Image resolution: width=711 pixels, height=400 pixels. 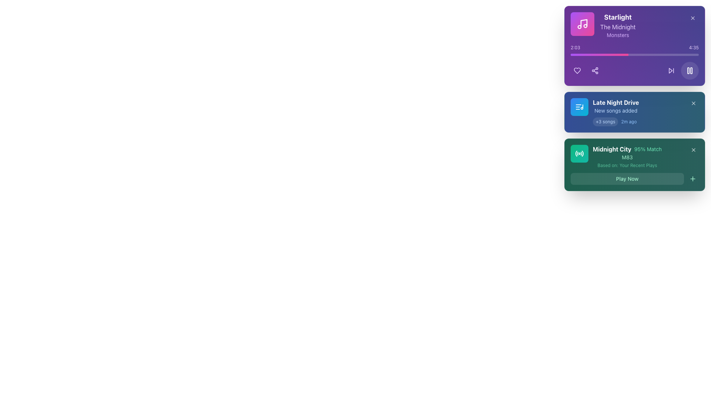 What do you see at coordinates (692, 18) in the screenshot?
I see `the close button represented as an 'X' icon at the top-right corner of the purple notification card titled 'Starlight'` at bounding box center [692, 18].